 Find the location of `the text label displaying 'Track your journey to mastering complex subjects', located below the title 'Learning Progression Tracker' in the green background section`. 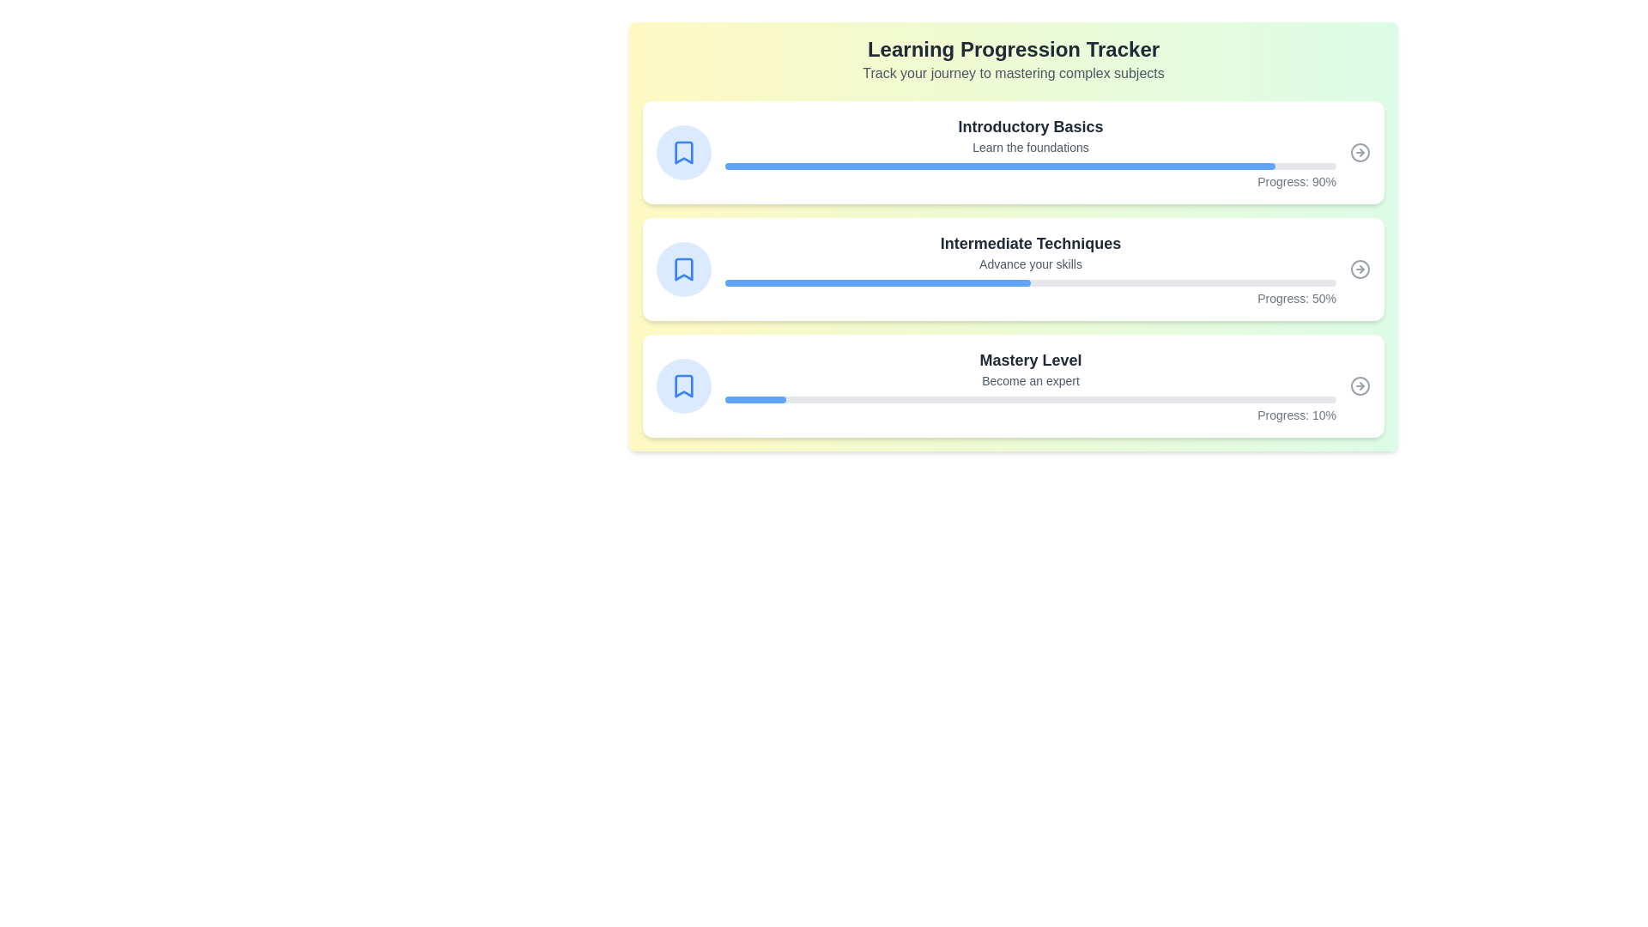

the text label displaying 'Track your journey to mastering complex subjects', located below the title 'Learning Progression Tracker' in the green background section is located at coordinates (1013, 72).